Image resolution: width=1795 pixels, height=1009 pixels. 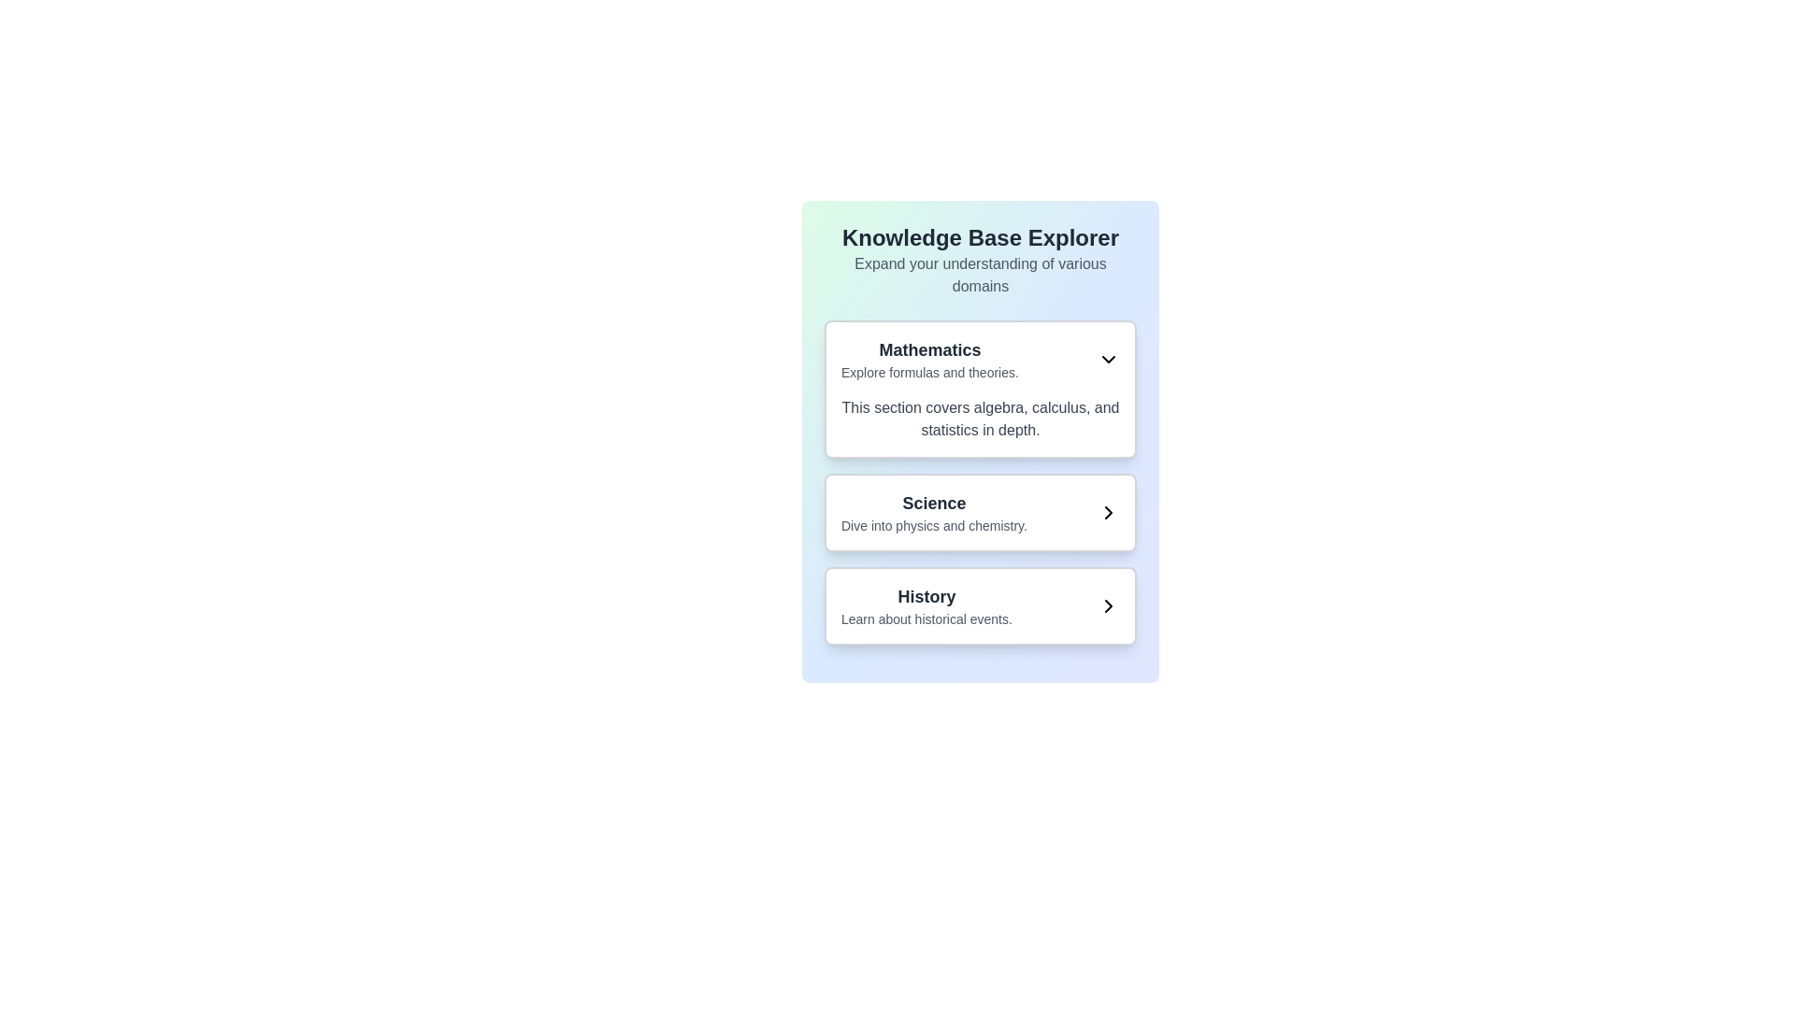 I want to click on informational text block titled 'Science' which contains the subtitle 'Dive into physics and chemistry', positioned centrally within the 'Knowledge Base Explorer' card, so click(x=934, y=512).